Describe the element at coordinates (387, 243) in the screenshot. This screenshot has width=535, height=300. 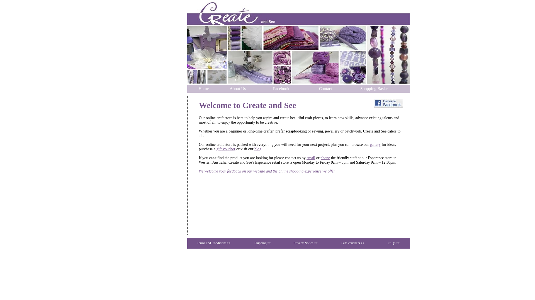
I see `'FAQs >>'` at that location.